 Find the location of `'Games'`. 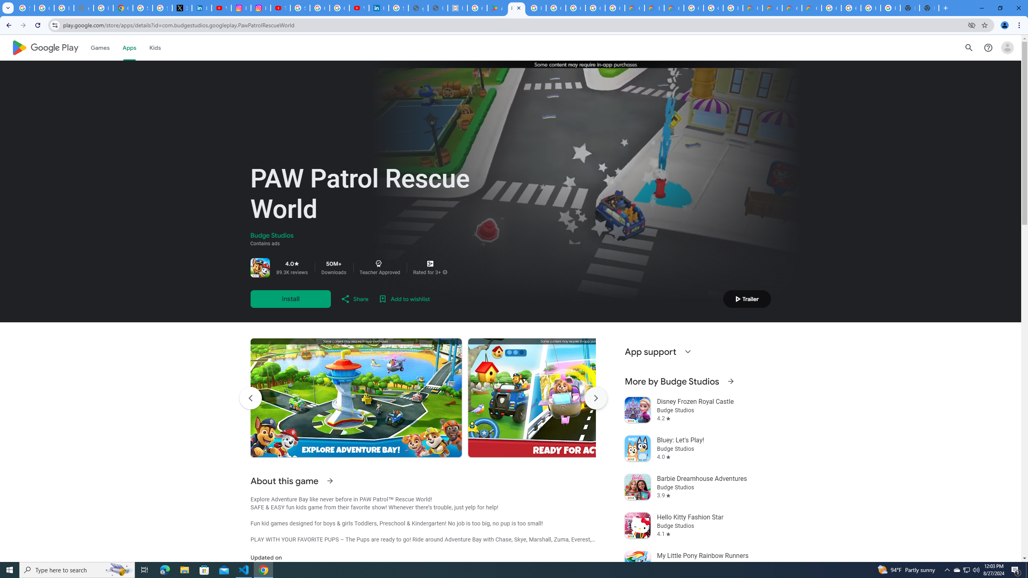

'Games' is located at coordinates (100, 47).